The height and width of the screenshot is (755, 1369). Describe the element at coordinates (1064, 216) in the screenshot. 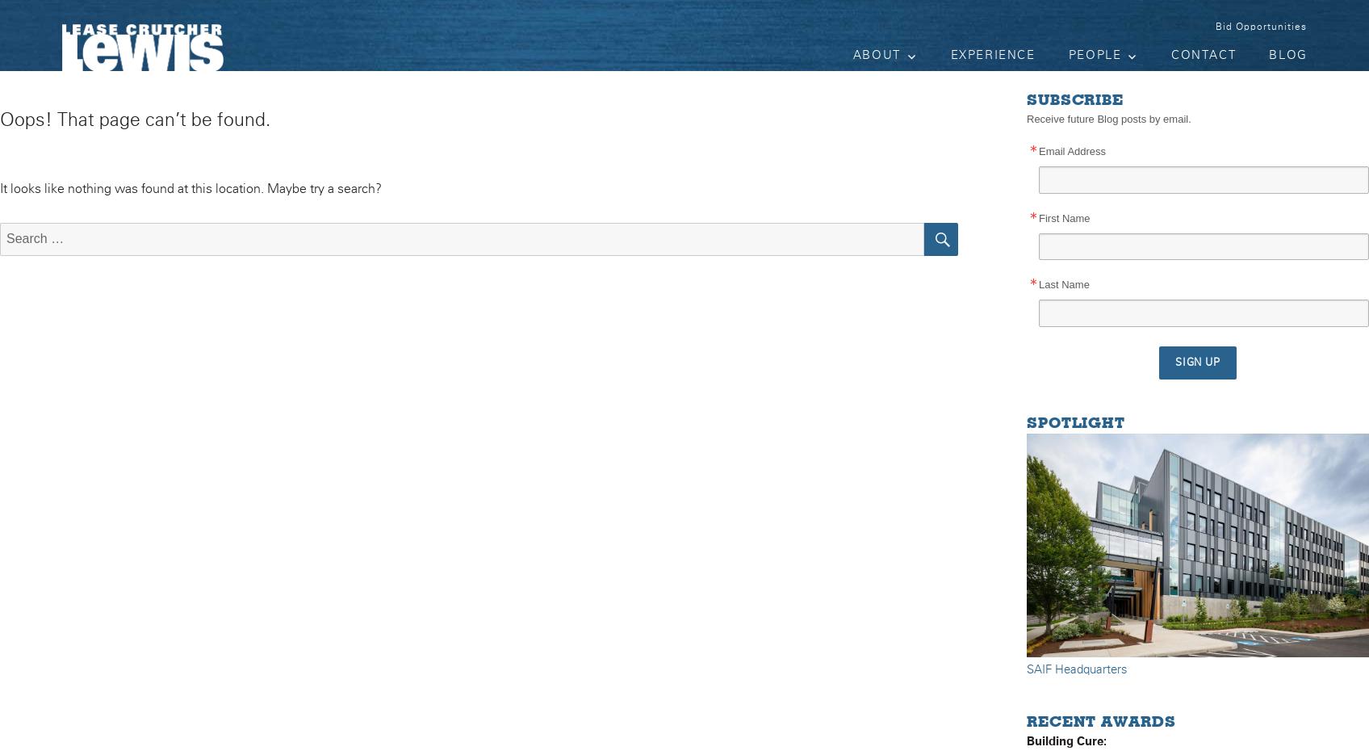

I see `'First Name'` at that location.